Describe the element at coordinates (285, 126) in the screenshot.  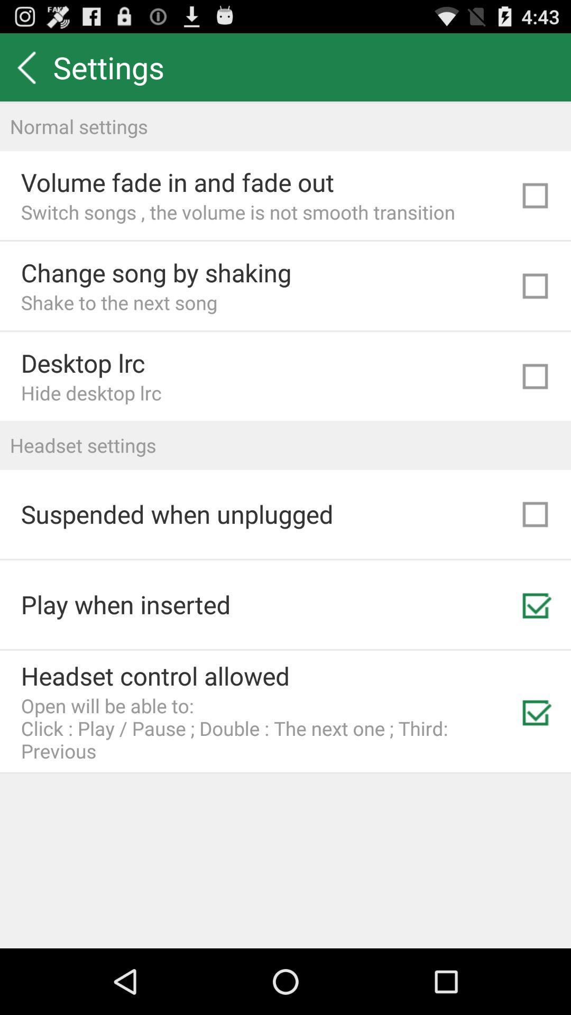
I see `normal settings icon` at that location.